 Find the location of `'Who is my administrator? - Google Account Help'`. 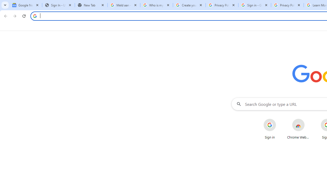

'Who is my administrator? - Google Account Help' is located at coordinates (156, 5).